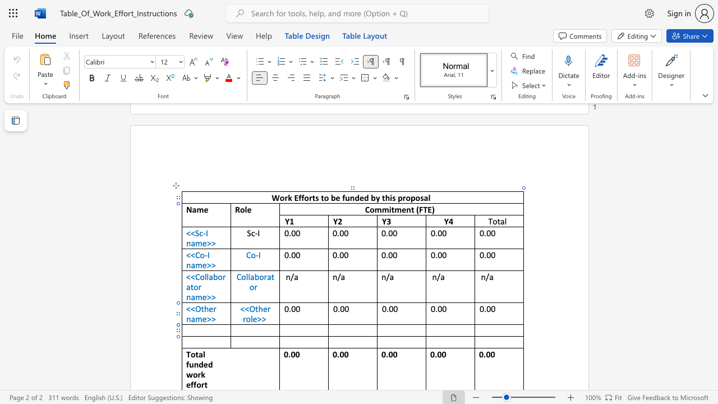  Describe the element at coordinates (192, 374) in the screenshot. I see `the space between the continuous character "w" and "o" in the text` at that location.